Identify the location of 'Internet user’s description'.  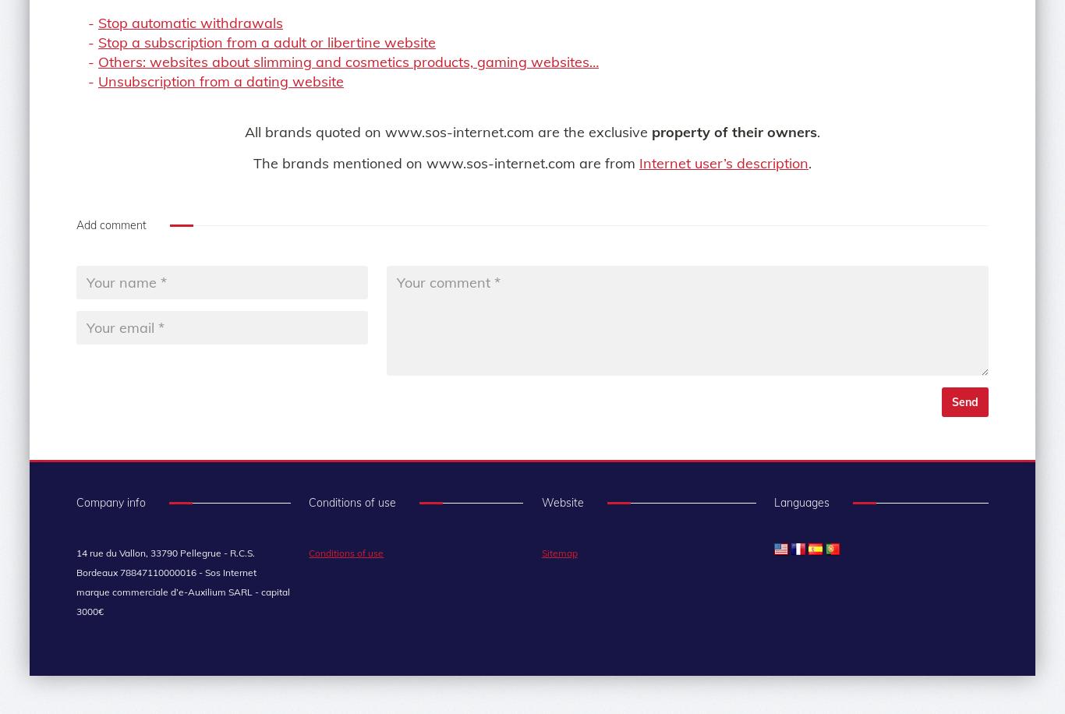
(639, 162).